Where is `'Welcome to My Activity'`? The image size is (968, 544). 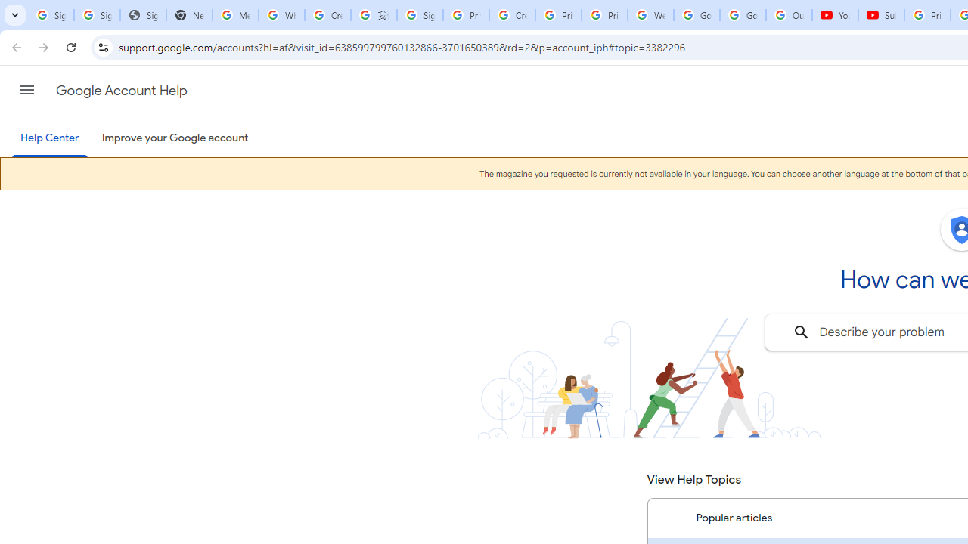
'Welcome to My Activity' is located at coordinates (650, 15).